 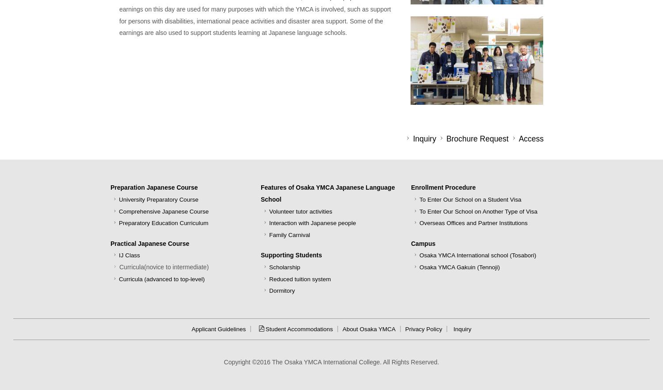 What do you see at coordinates (118, 199) in the screenshot?
I see `'University Preparatory Course'` at bounding box center [118, 199].